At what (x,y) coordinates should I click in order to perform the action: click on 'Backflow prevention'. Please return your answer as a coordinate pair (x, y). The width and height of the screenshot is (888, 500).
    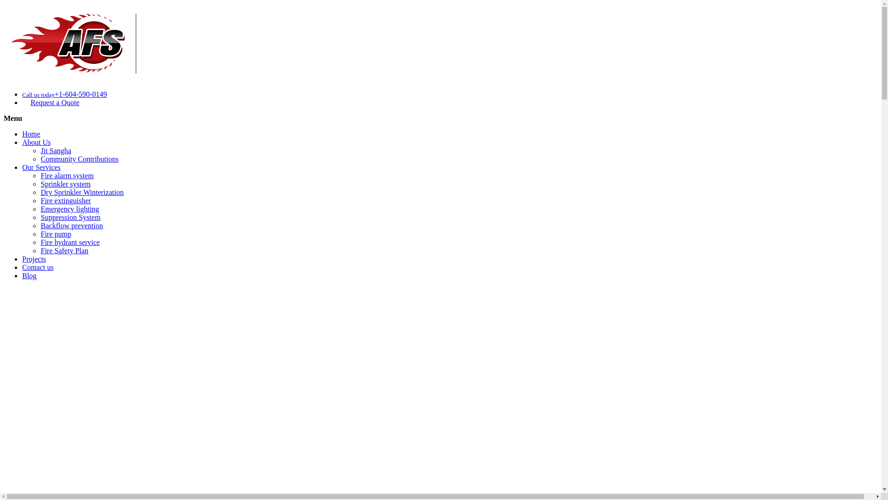
    Looking at the image, I should click on (71, 225).